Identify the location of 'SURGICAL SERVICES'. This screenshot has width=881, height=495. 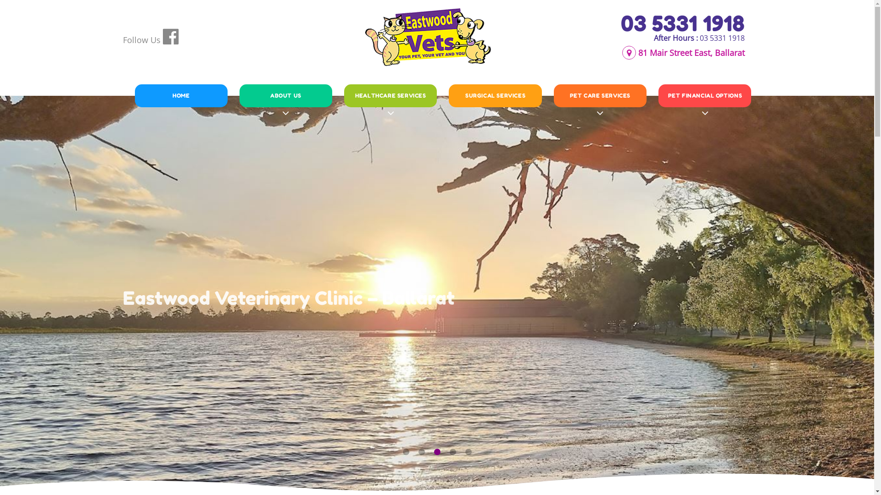
(495, 95).